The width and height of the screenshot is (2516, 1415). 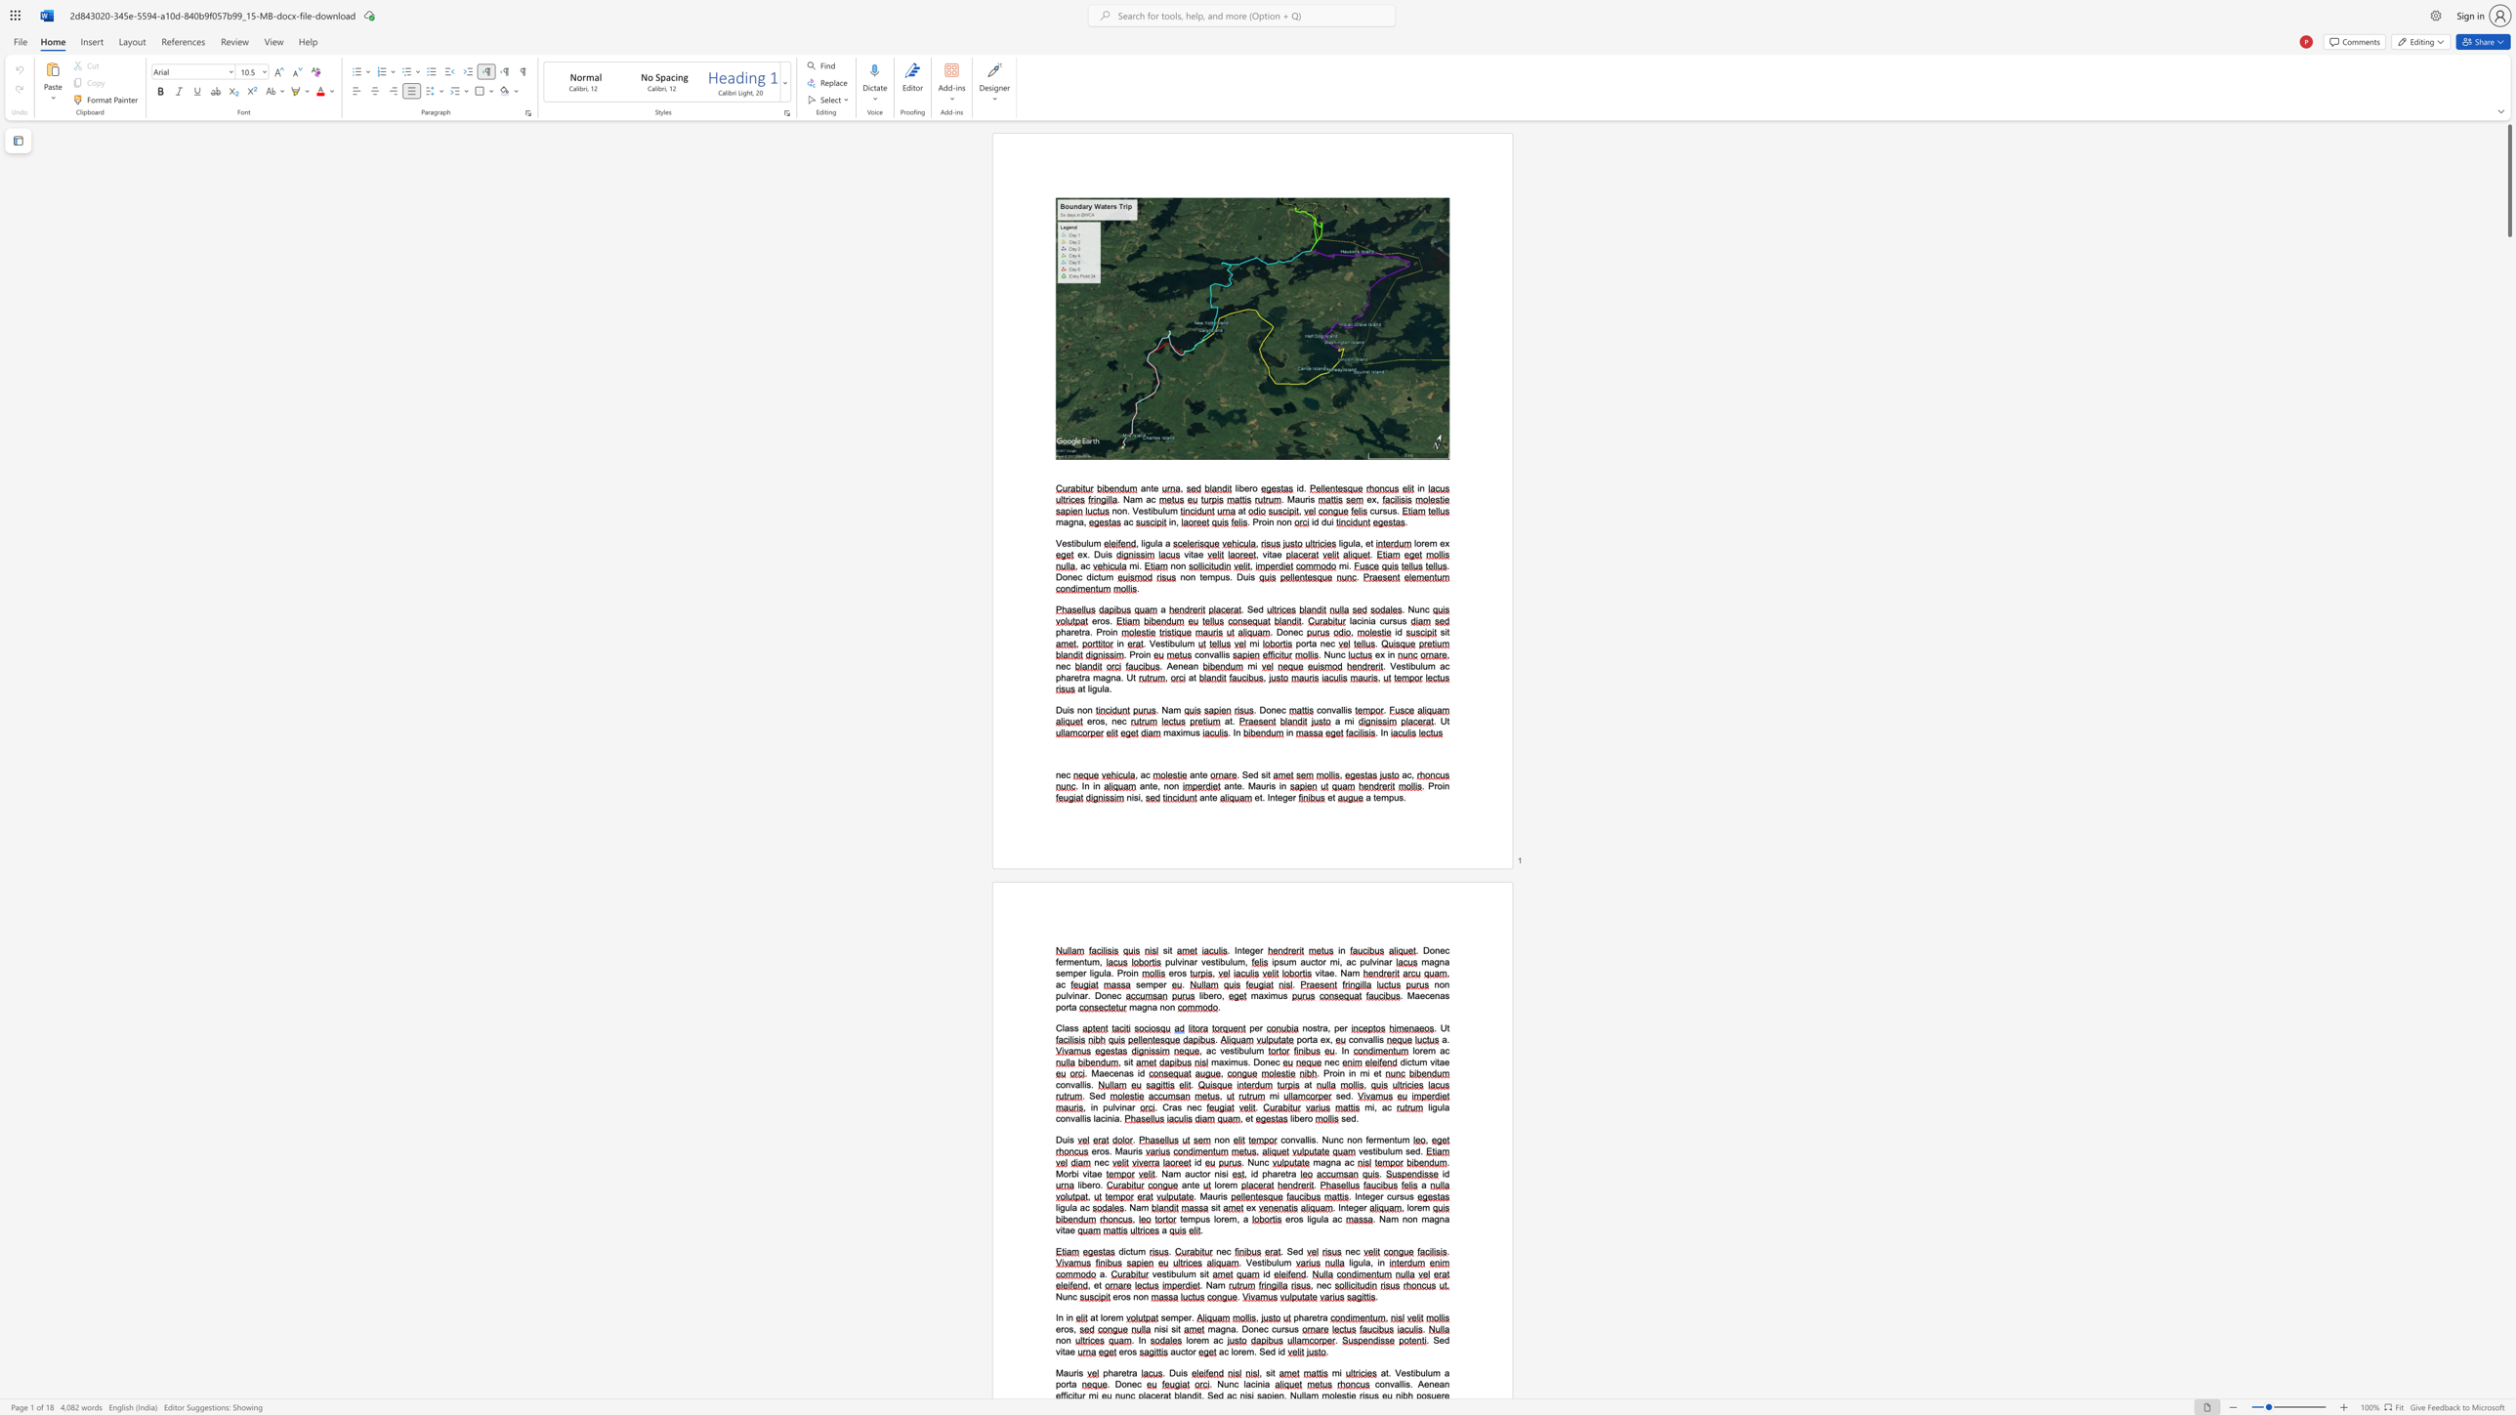 I want to click on the 1th character "s" in the text, so click(x=1163, y=1328).